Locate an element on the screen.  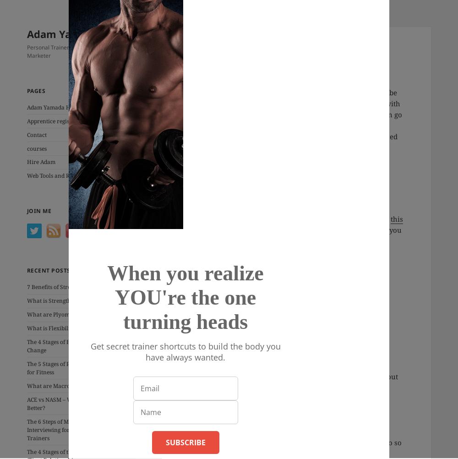
'The 5 Stages of Process Change for Fitness' is located at coordinates (66, 367).